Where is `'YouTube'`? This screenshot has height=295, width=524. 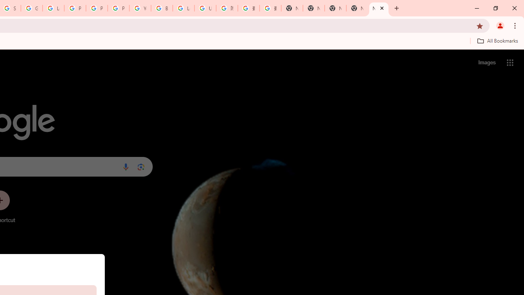 'YouTube' is located at coordinates (140, 8).